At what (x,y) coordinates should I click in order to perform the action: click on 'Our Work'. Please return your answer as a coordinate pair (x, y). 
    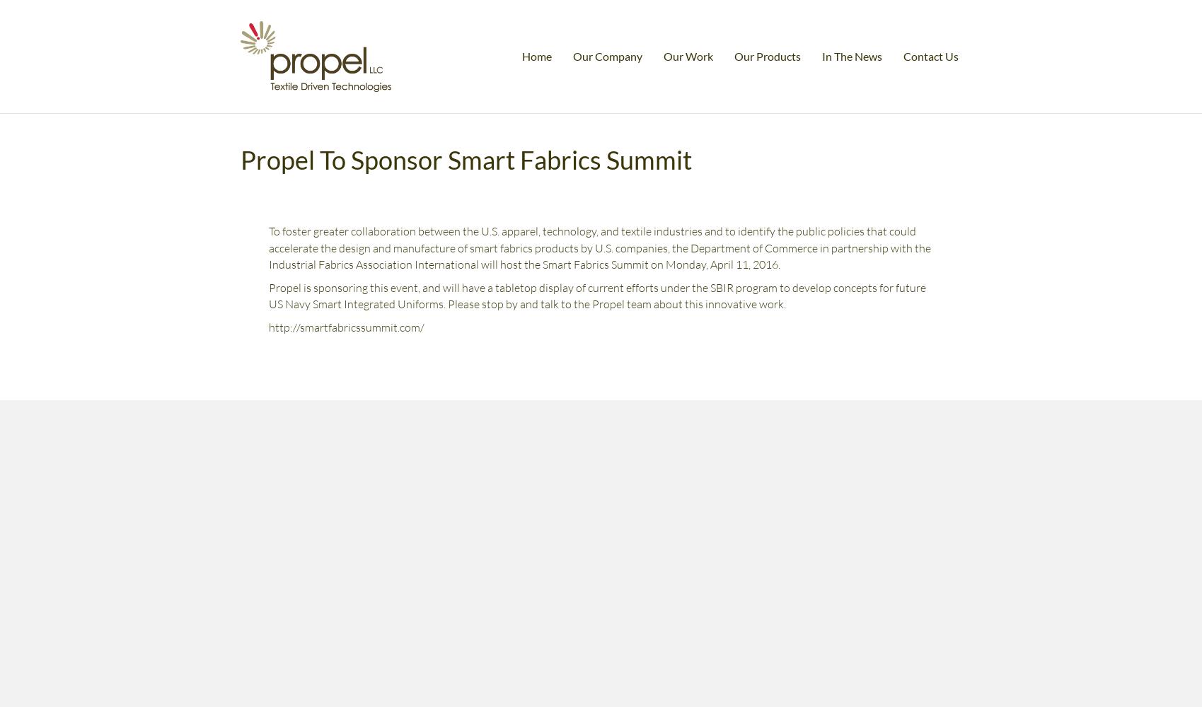
    Looking at the image, I should click on (663, 54).